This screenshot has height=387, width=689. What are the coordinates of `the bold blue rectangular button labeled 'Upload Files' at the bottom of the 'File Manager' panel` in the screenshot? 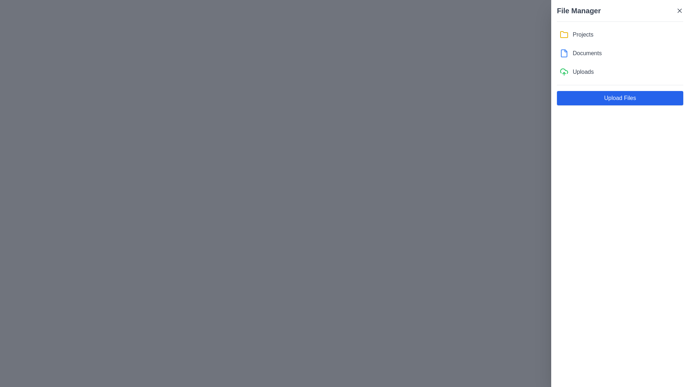 It's located at (620, 95).